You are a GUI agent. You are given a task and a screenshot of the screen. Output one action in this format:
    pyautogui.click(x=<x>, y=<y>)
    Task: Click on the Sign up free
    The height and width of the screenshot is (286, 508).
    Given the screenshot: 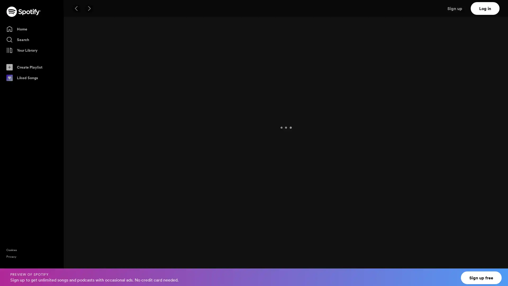 What is the action you would take?
    pyautogui.click(x=481, y=278)
    